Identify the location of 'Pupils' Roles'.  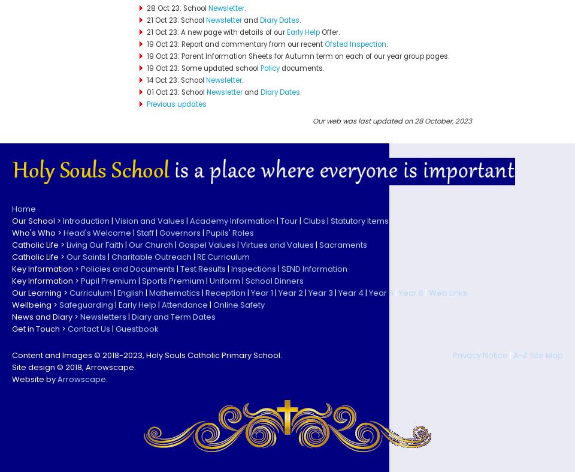
(229, 232).